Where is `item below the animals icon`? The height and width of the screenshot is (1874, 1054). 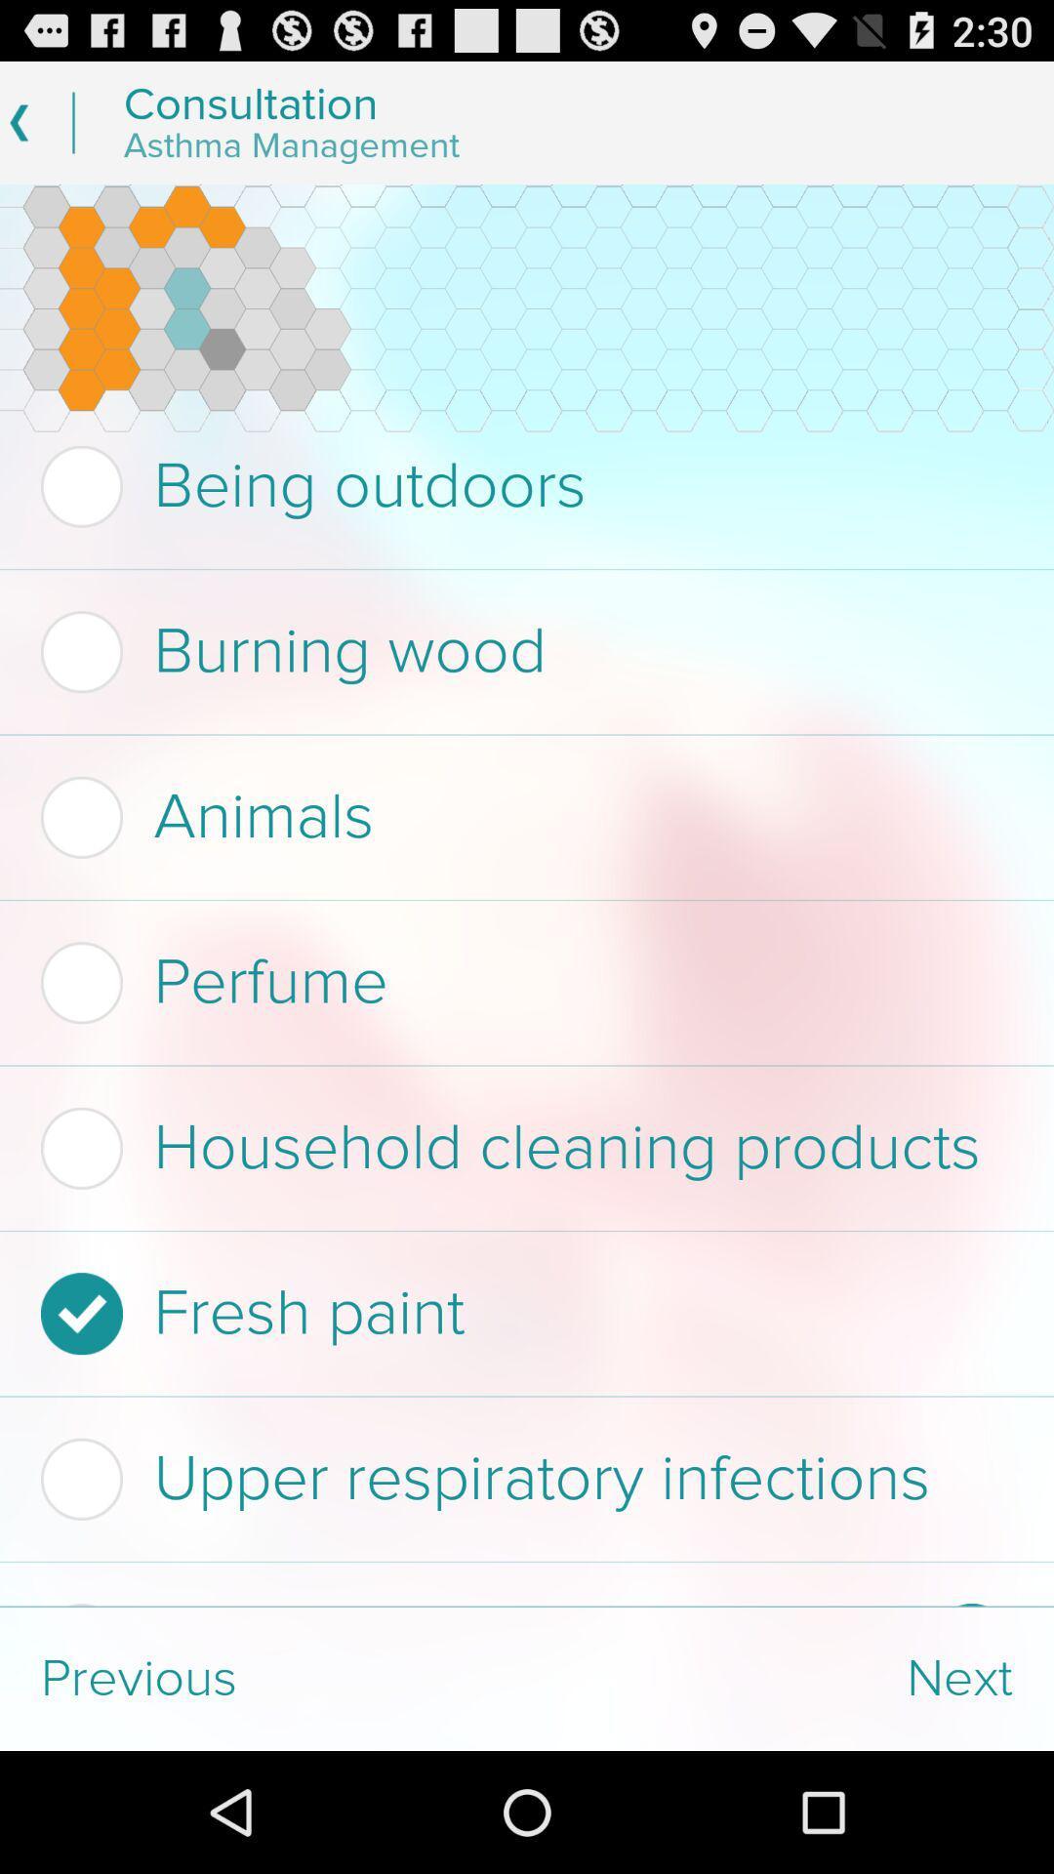 item below the animals icon is located at coordinates (520, 983).